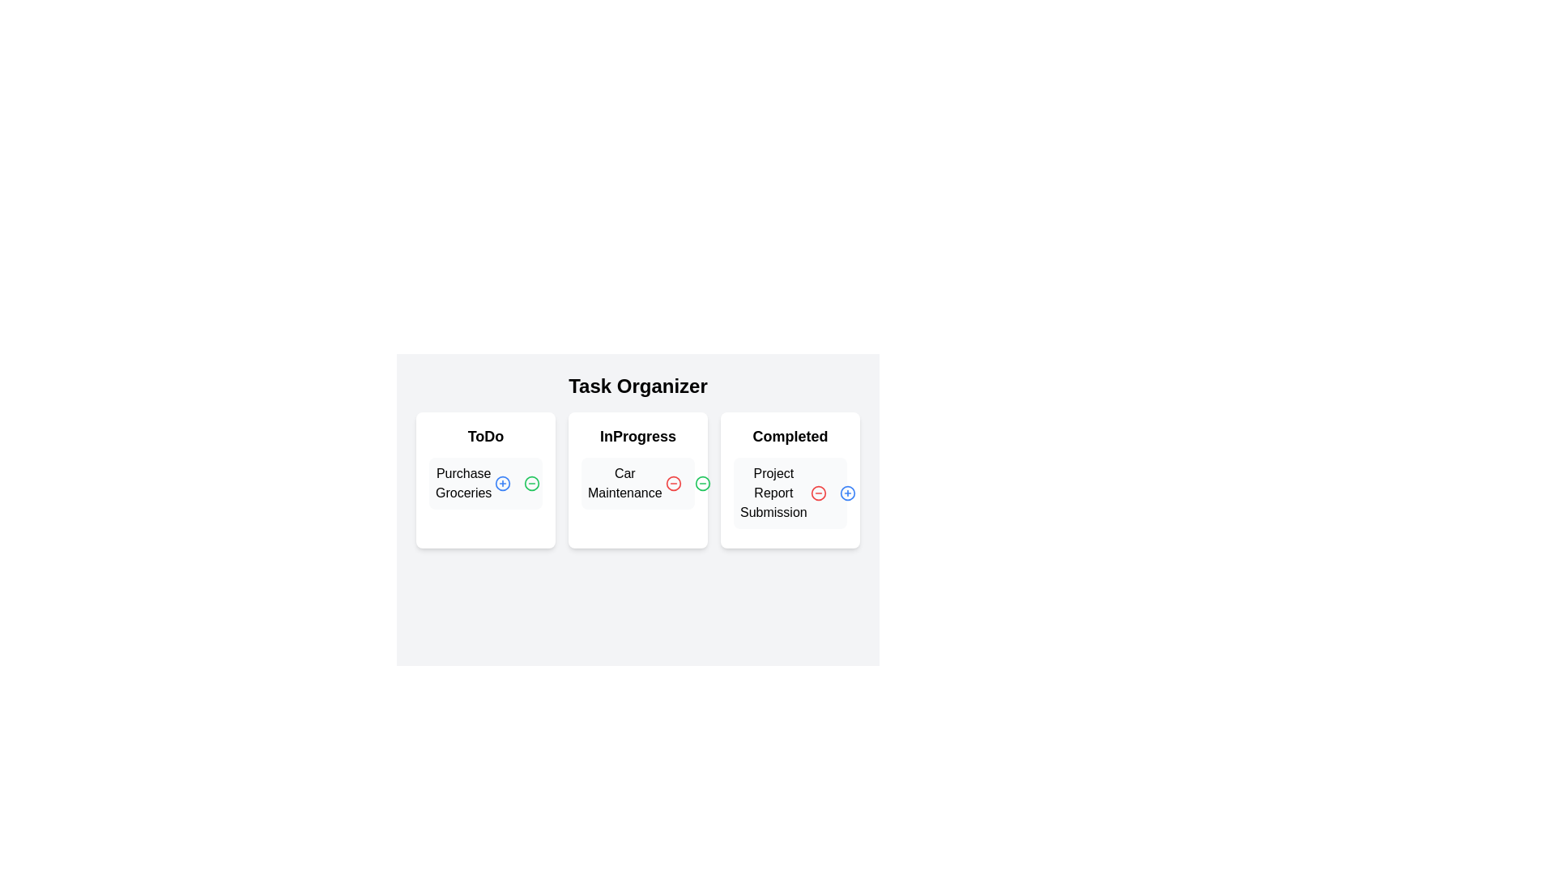 The image size is (1555, 875). What do you see at coordinates (485, 436) in the screenshot?
I see `the category header ToDo to focus on the corresponding category` at bounding box center [485, 436].